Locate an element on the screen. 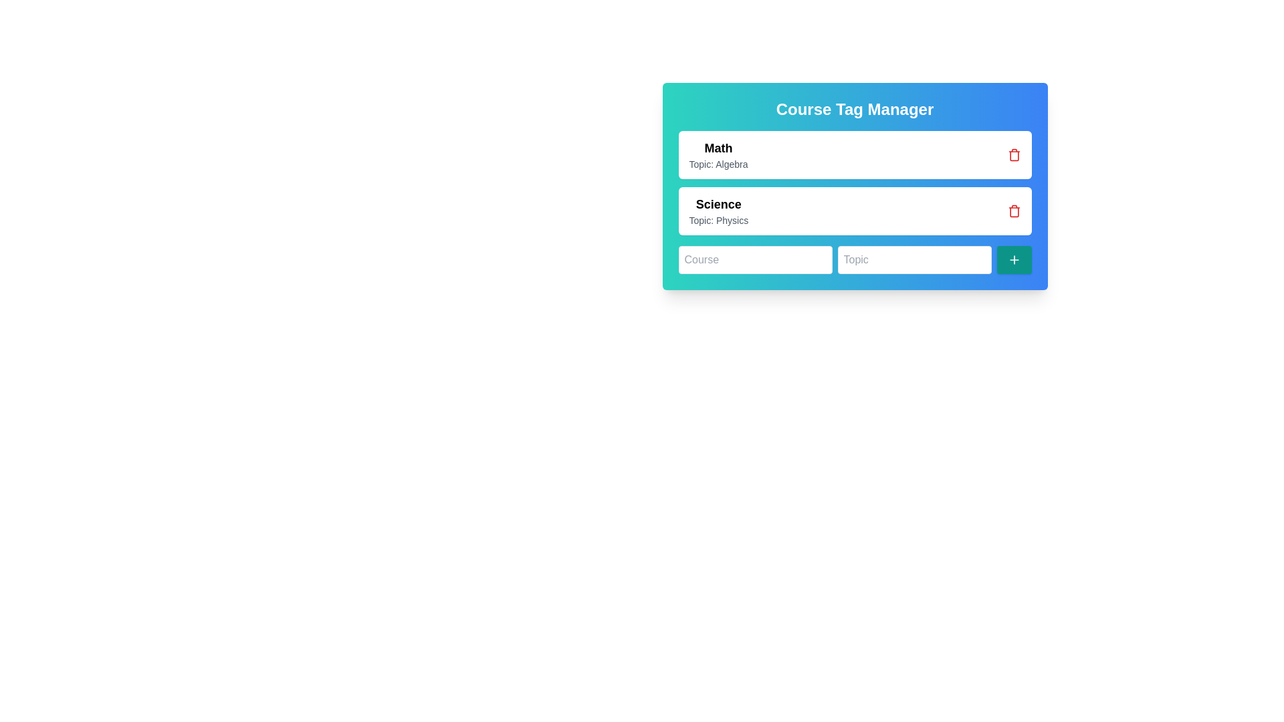 The height and width of the screenshot is (722, 1284). the teal-colored button with rounded edges and a plus-shaped icon, located at the end of the row with 'Course' and 'Topic' input fields is located at coordinates (1014, 260).